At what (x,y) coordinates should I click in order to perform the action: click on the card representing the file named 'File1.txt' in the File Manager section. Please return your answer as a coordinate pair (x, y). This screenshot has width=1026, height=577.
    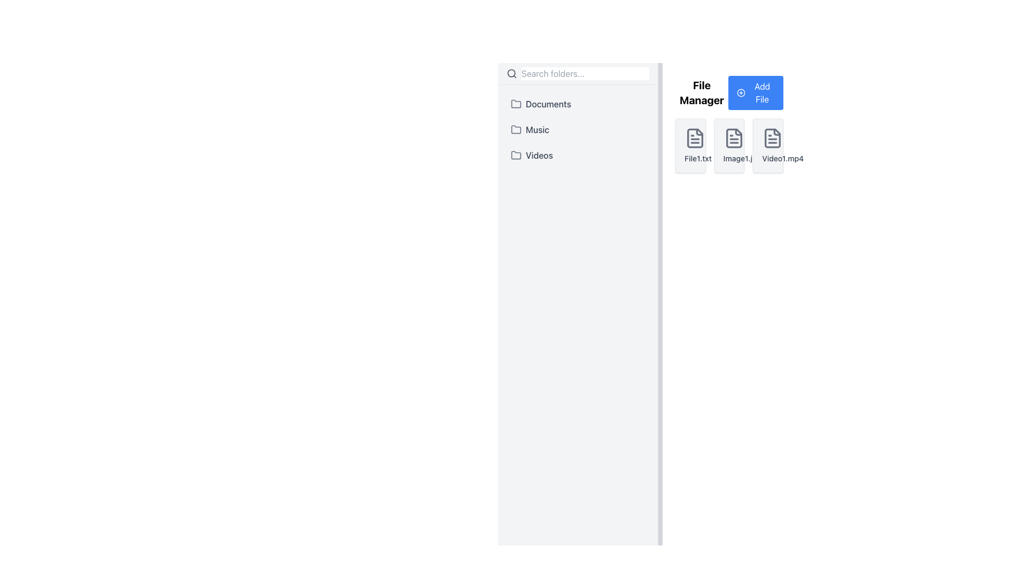
    Looking at the image, I should click on (690, 146).